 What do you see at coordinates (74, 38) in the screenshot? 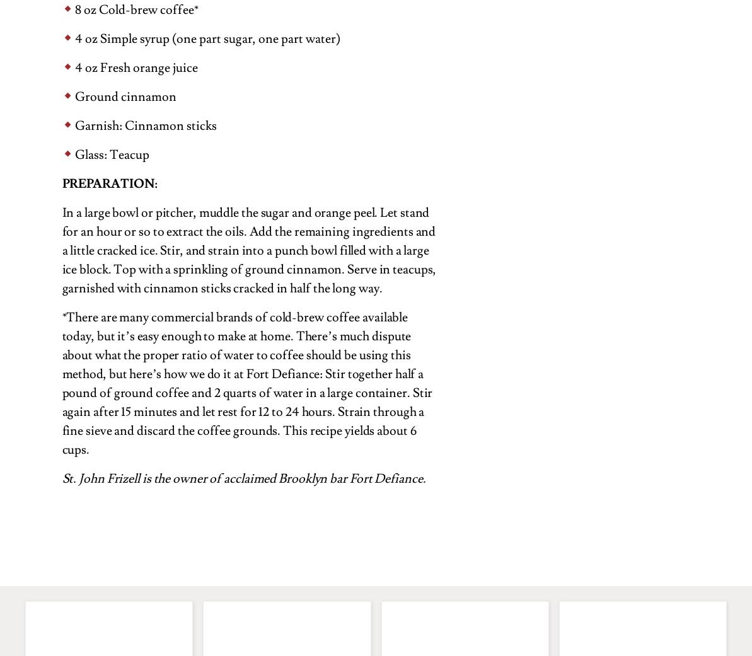
I see `'4 oz Simple syrup (one part sugar, one part water)'` at bounding box center [74, 38].